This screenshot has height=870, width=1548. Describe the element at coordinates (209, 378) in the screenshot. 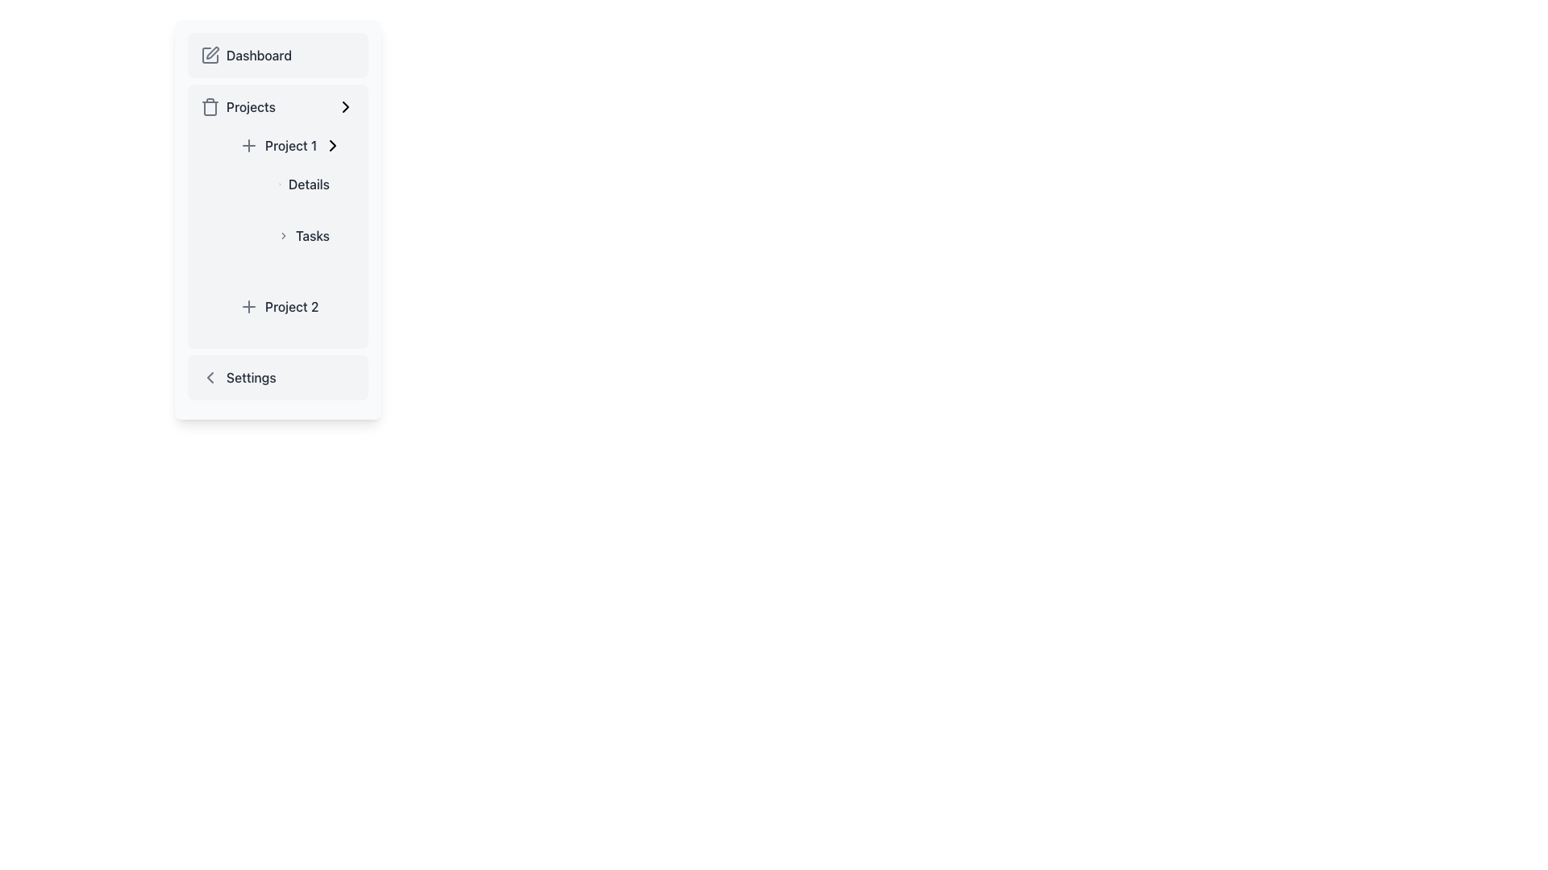

I see `the chevron icon located to the left of the 'Settings' text label in the vertical navigation menu` at that location.